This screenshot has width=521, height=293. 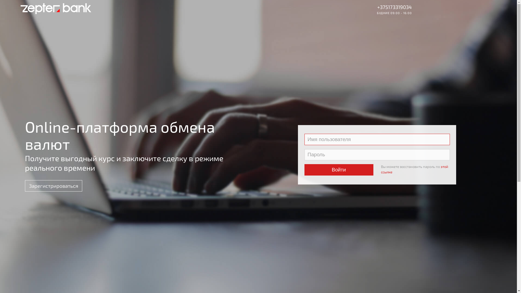 What do you see at coordinates (394, 7) in the screenshot?
I see `'+375173319034'` at bounding box center [394, 7].